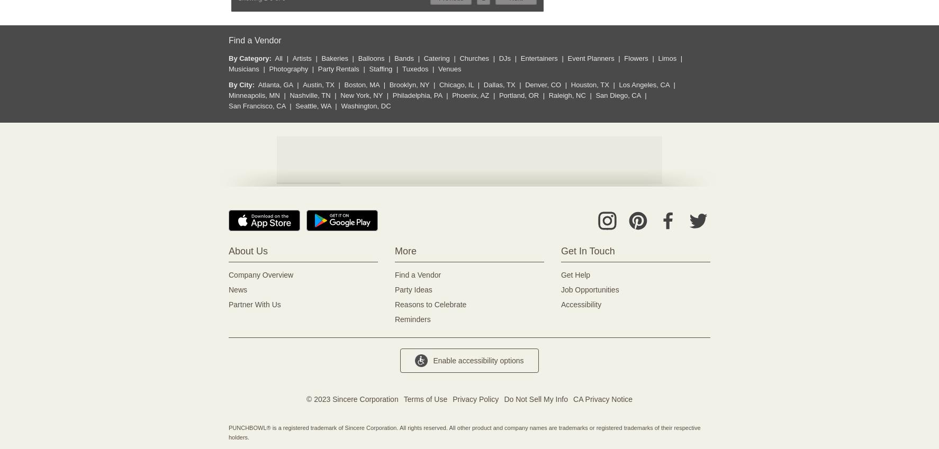 This screenshot has height=449, width=939. Describe the element at coordinates (504, 58) in the screenshot. I see `'DJs'` at that location.